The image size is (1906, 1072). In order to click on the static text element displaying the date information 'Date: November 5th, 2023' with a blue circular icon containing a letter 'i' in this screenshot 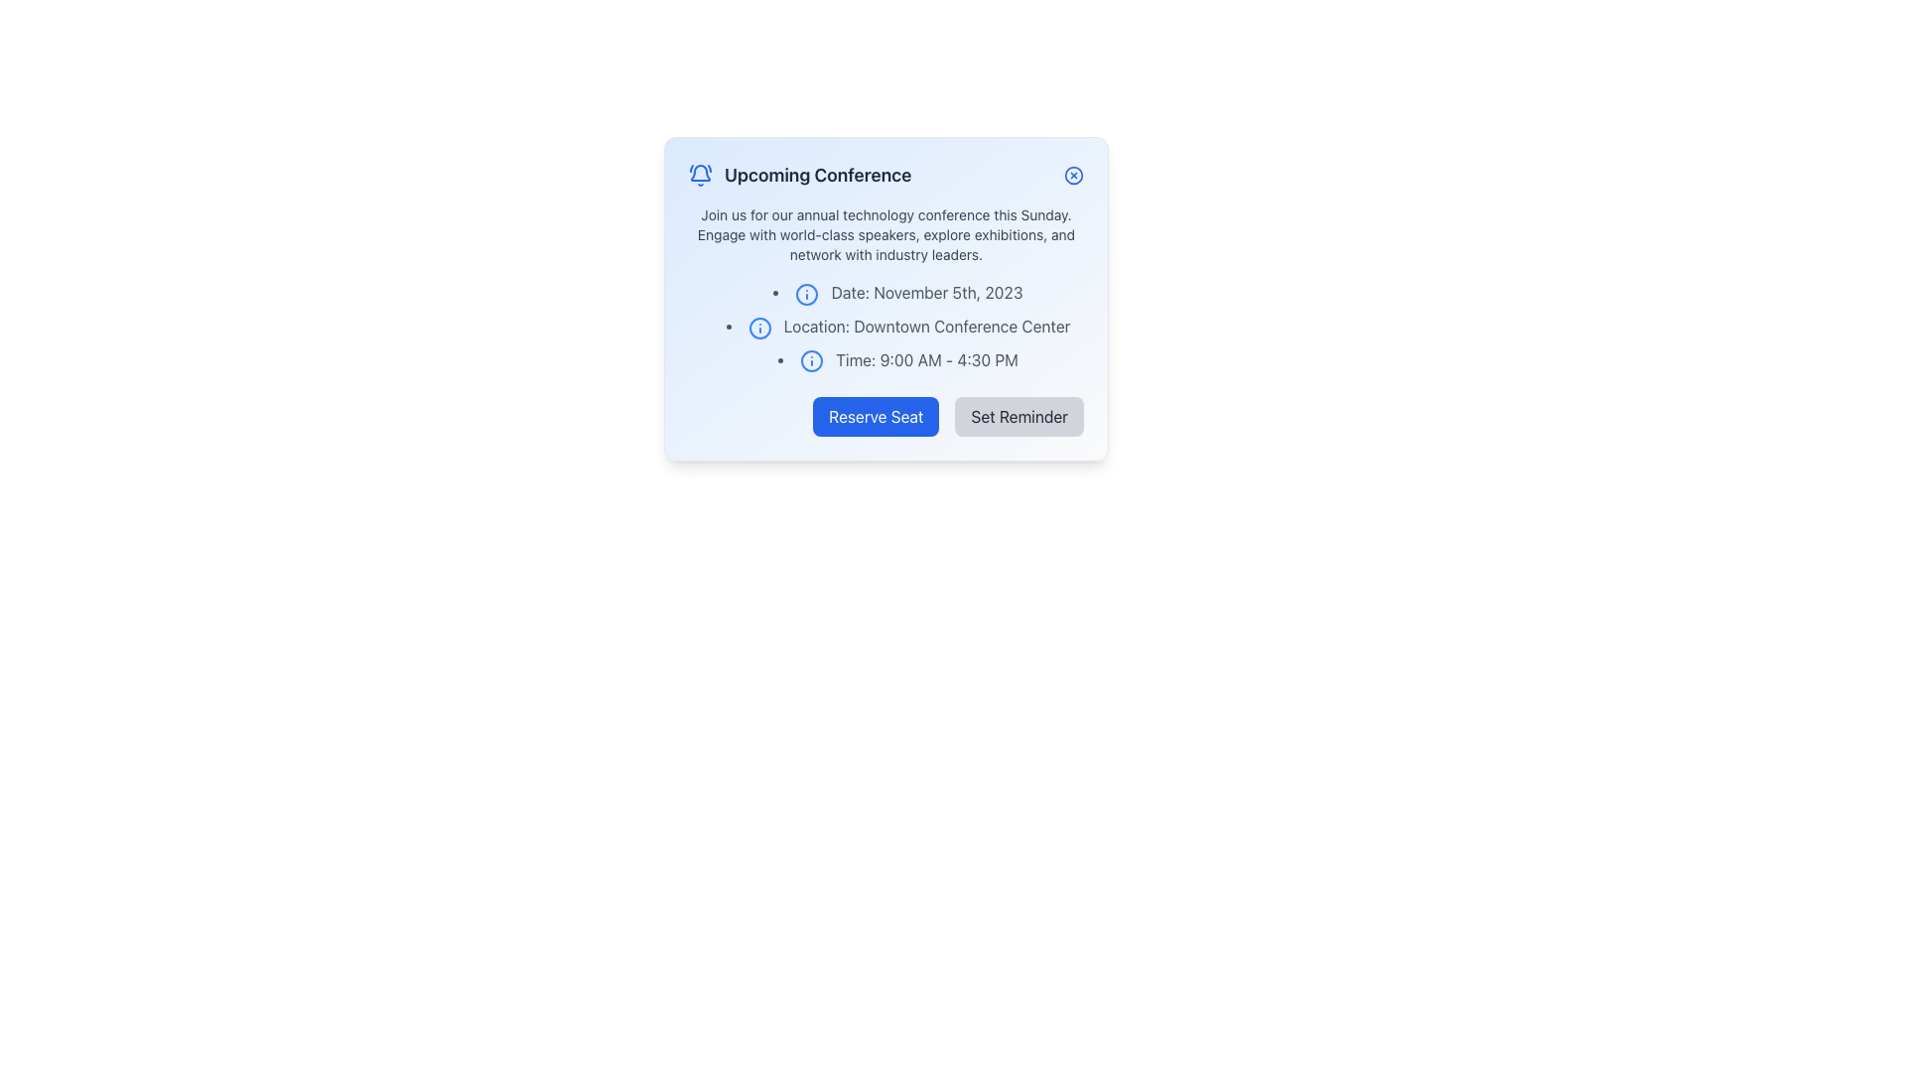, I will do `click(897, 292)`.